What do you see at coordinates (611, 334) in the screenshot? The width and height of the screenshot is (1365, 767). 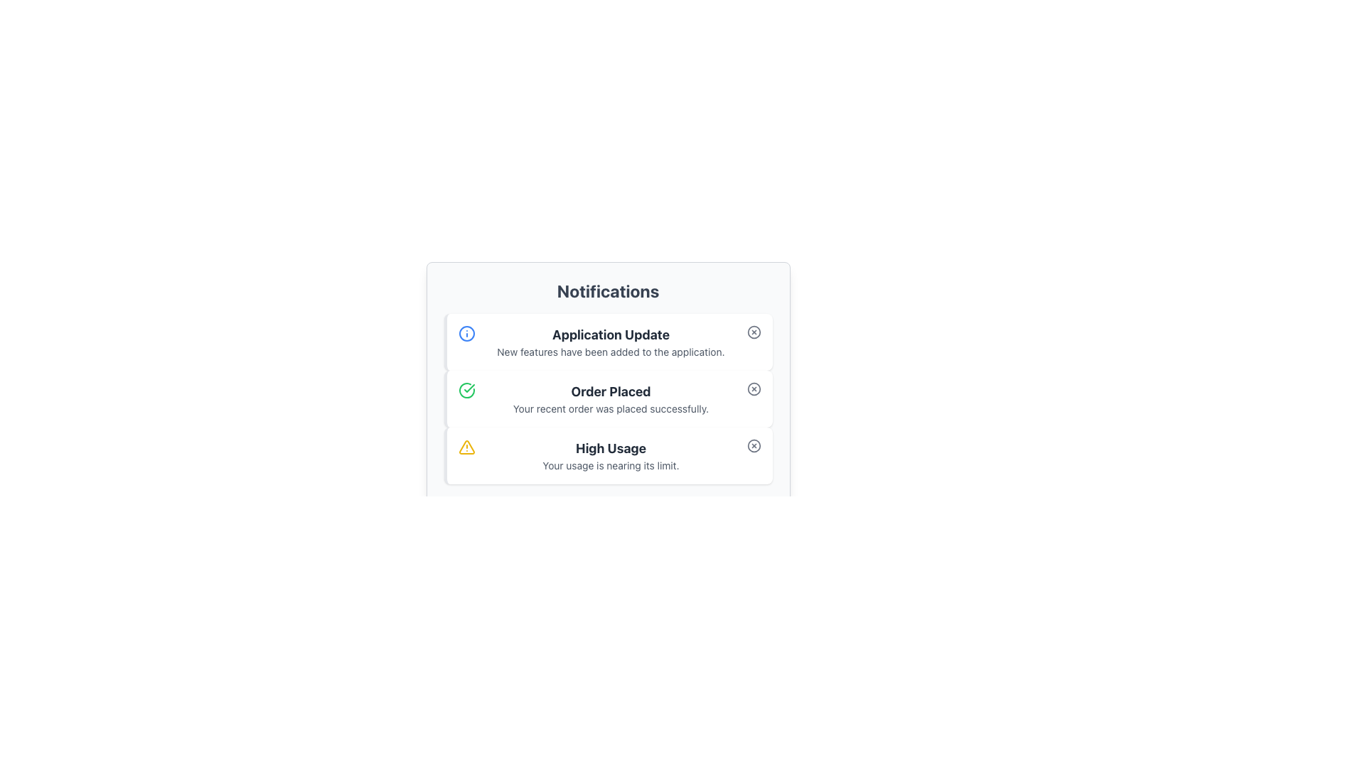 I see `the text label displaying 'Application Update' which is styled in bold and dark gray, located at the top of the notification card` at bounding box center [611, 334].